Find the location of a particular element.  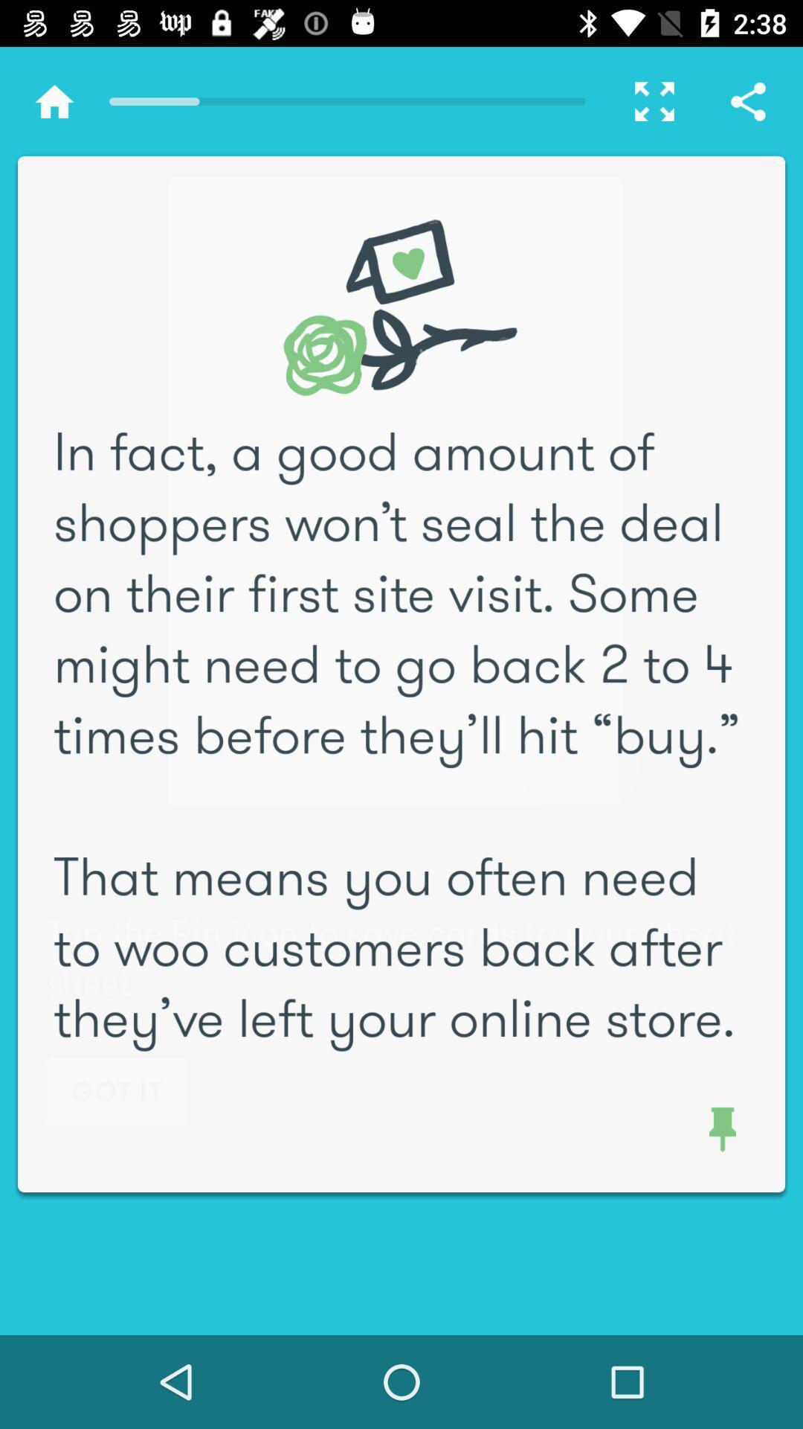

the share icon is located at coordinates (748, 100).